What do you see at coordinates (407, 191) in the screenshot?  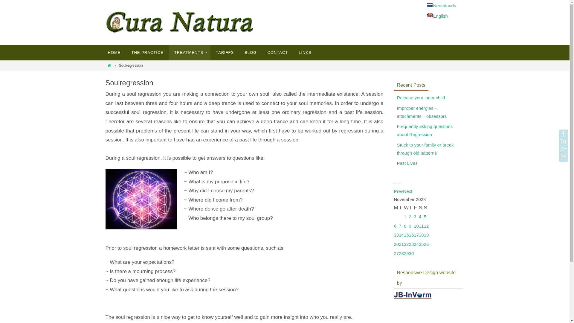 I see `'Next'` at bounding box center [407, 191].